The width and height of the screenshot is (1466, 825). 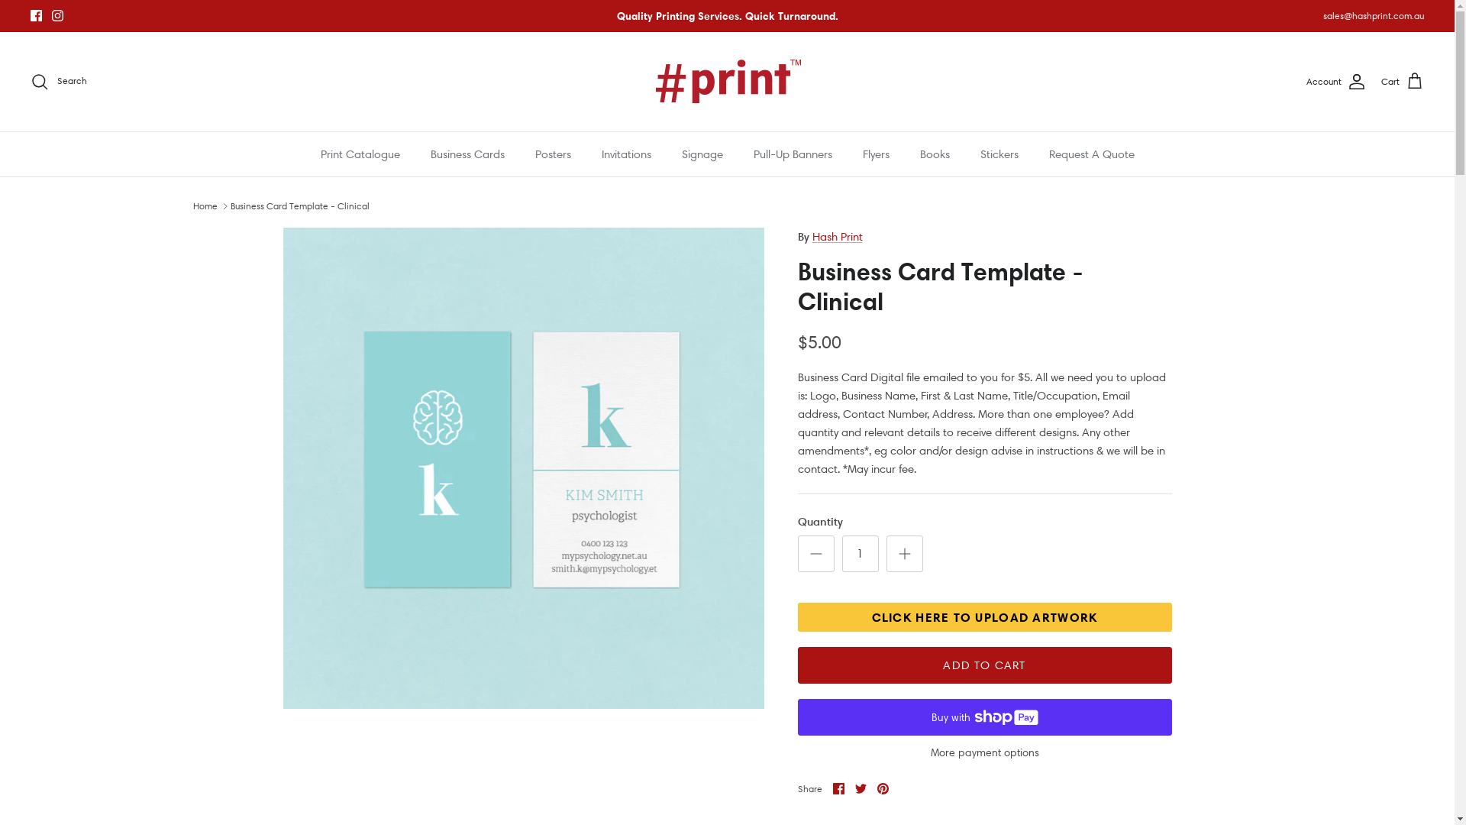 I want to click on 'More payment options', so click(x=984, y=752).